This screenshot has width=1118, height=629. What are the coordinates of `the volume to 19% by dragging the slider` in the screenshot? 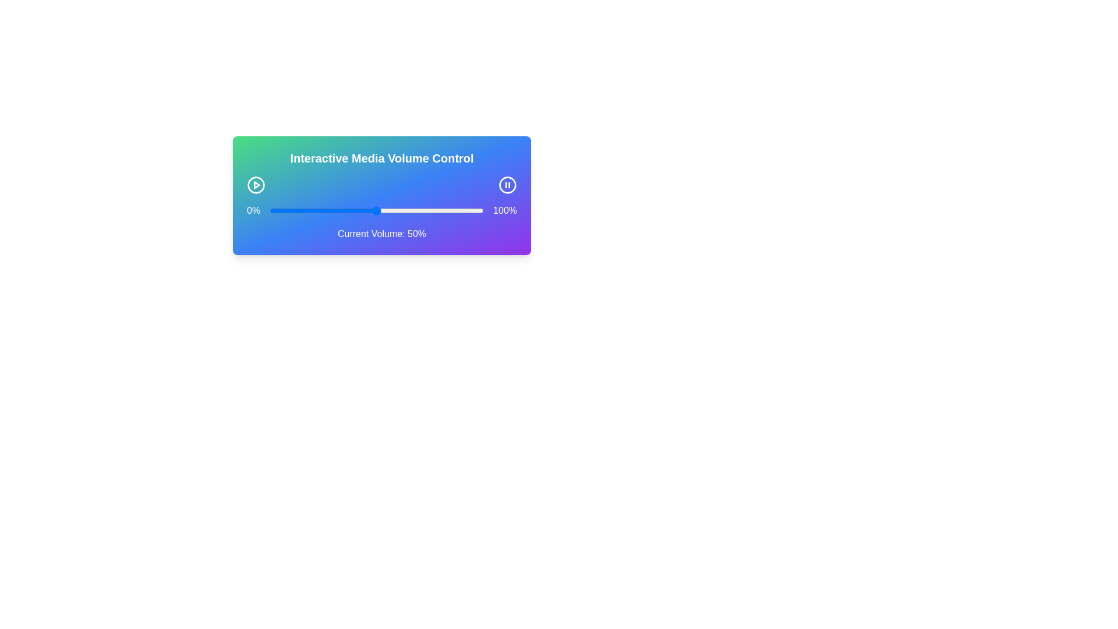 It's located at (310, 211).